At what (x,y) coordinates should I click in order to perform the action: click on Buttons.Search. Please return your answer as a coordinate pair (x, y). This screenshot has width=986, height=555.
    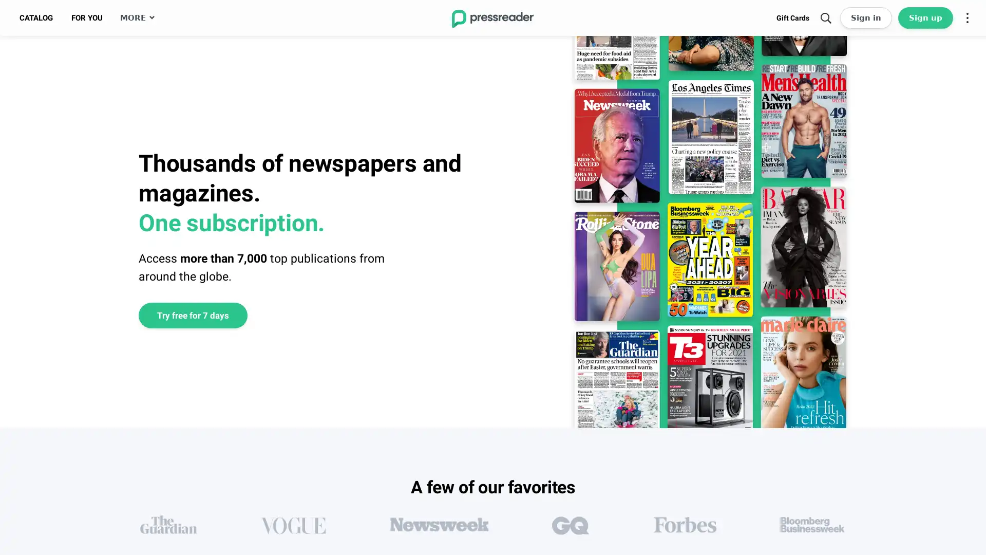
    Looking at the image, I should click on (826, 17).